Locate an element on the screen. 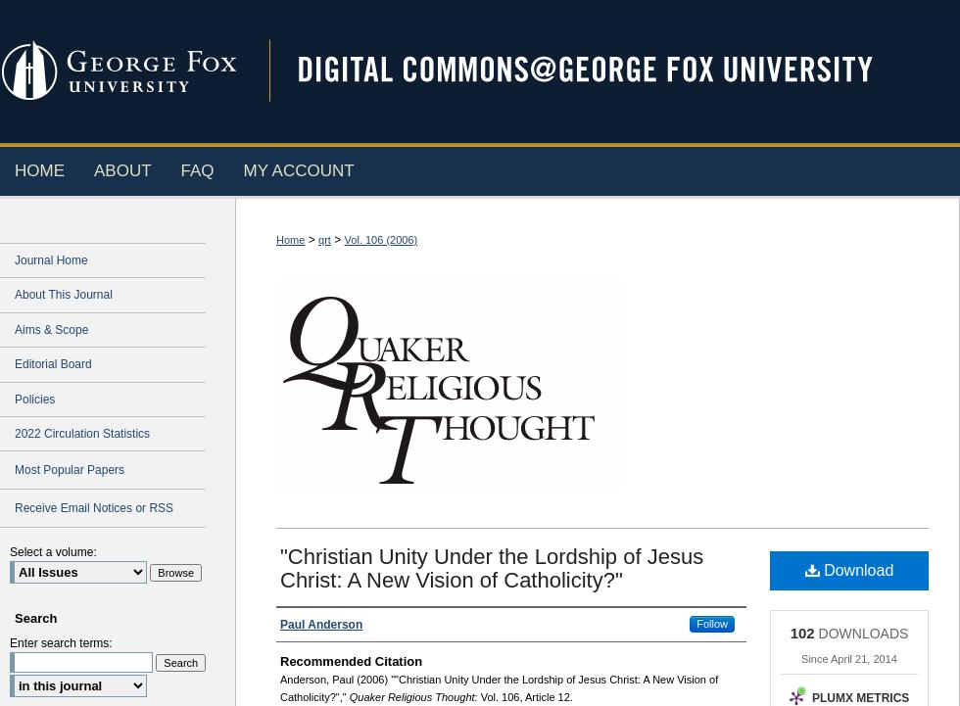 The height and width of the screenshot is (706, 960). '"Christian Unity Under the Lordship of Jesus Christ: A New Vision of Catholicity?"' is located at coordinates (279, 566).